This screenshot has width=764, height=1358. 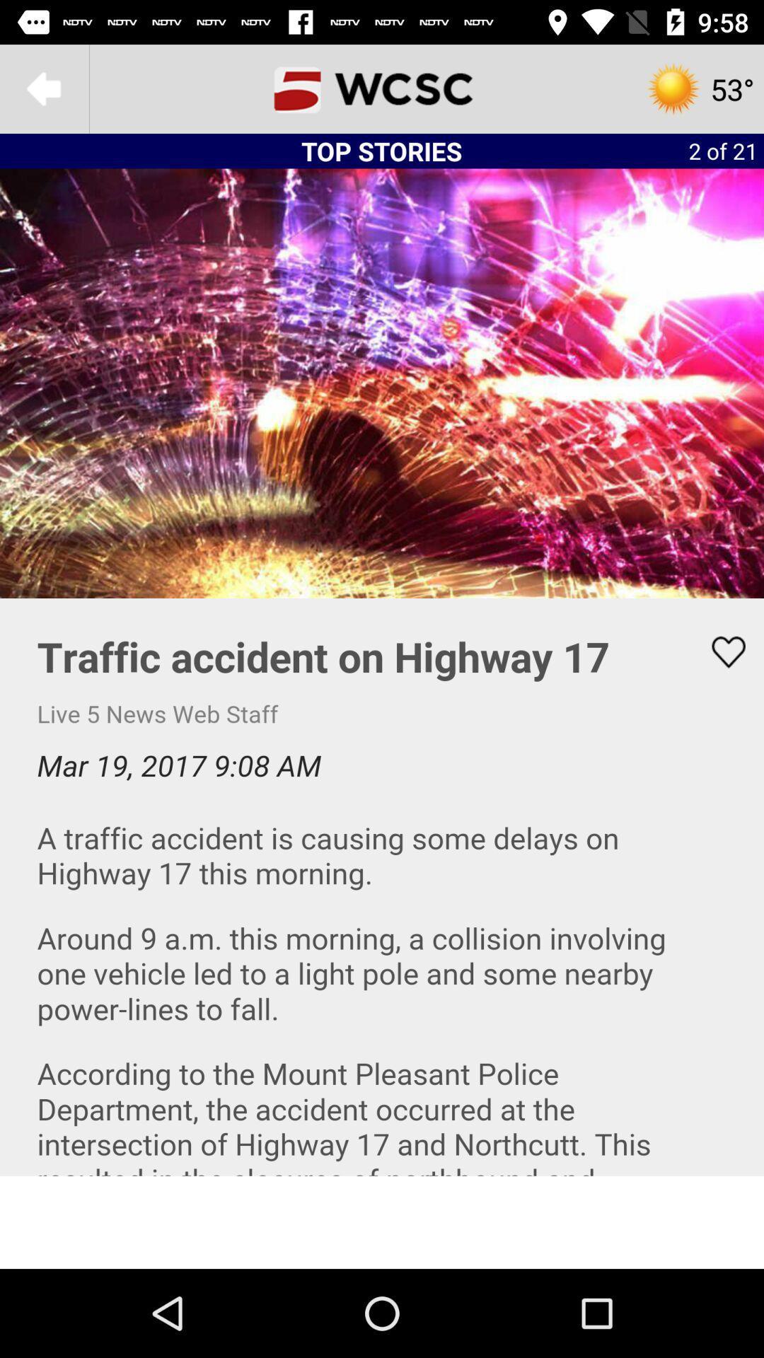 I want to click on new pega, so click(x=382, y=88).